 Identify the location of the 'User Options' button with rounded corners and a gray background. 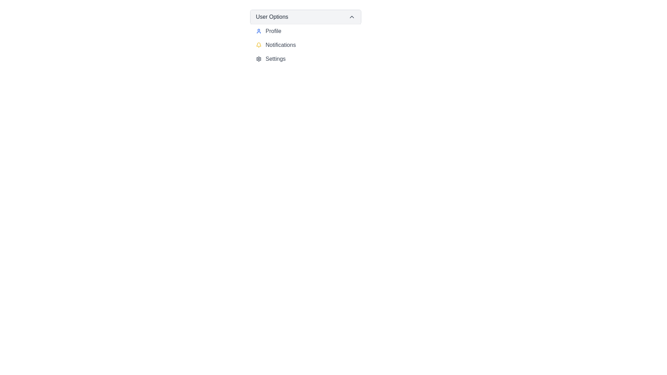
(305, 17).